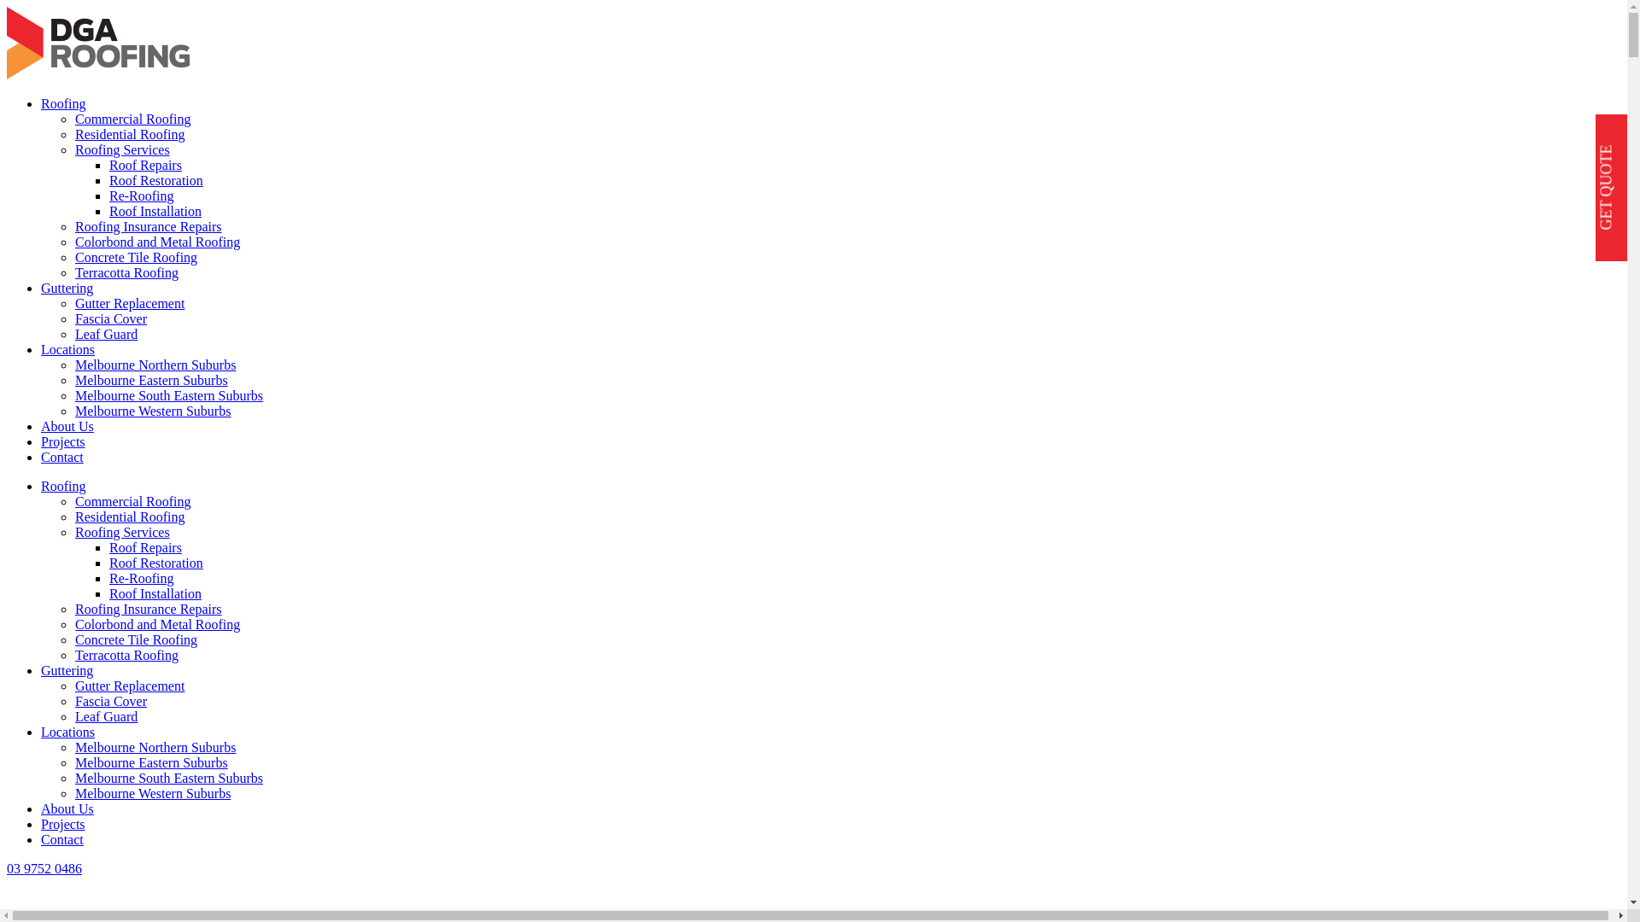 This screenshot has width=1640, height=922. I want to click on 'Re-Roofing', so click(142, 577).